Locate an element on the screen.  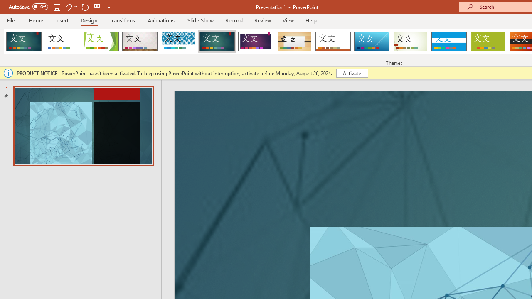
'Wisp' is located at coordinates (410, 42).